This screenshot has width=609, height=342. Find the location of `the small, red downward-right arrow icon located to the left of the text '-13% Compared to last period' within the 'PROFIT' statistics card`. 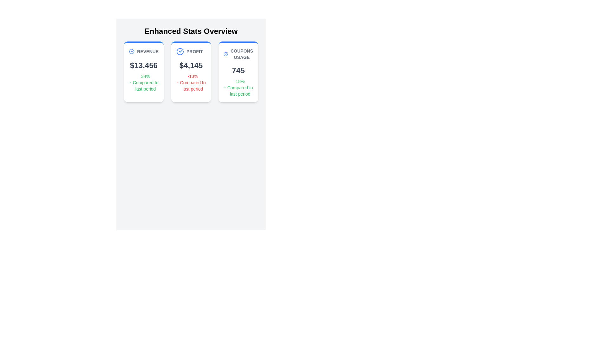

the small, red downward-right arrow icon located to the left of the text '-13% Compared to last period' within the 'PROFIT' statistics card is located at coordinates (177, 82).